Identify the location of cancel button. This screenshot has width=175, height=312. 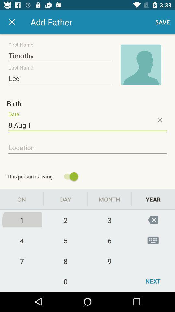
(159, 120).